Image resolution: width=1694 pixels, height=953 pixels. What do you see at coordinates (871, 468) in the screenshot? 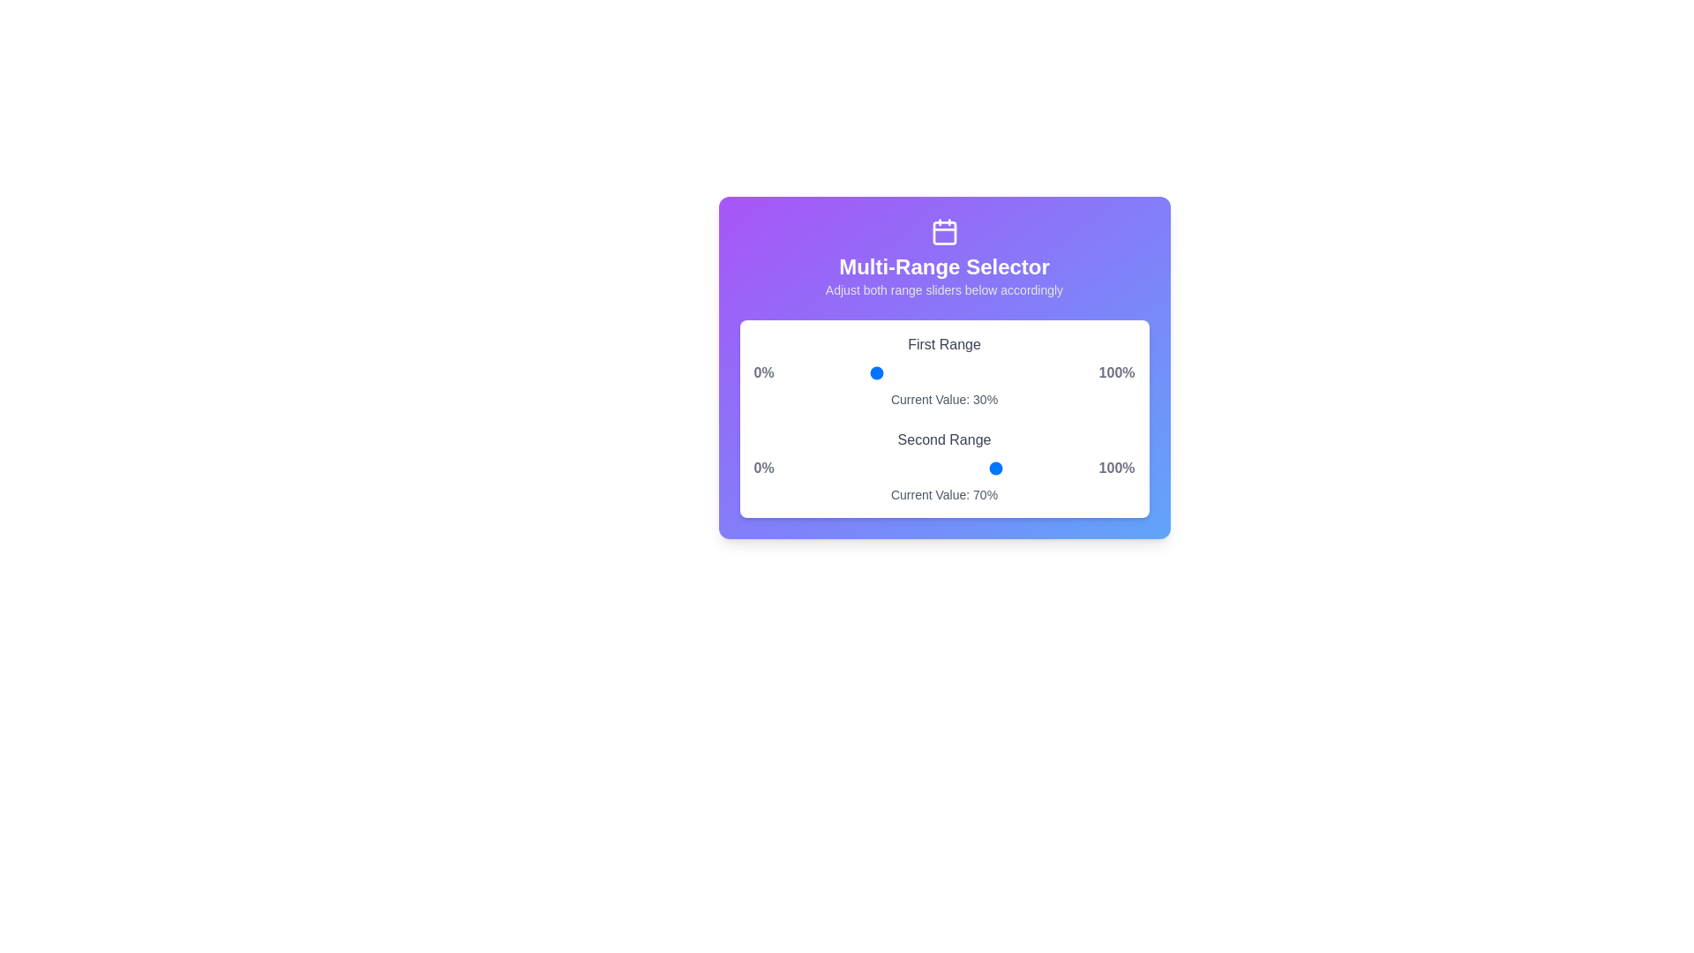
I see `the second range slider` at bounding box center [871, 468].